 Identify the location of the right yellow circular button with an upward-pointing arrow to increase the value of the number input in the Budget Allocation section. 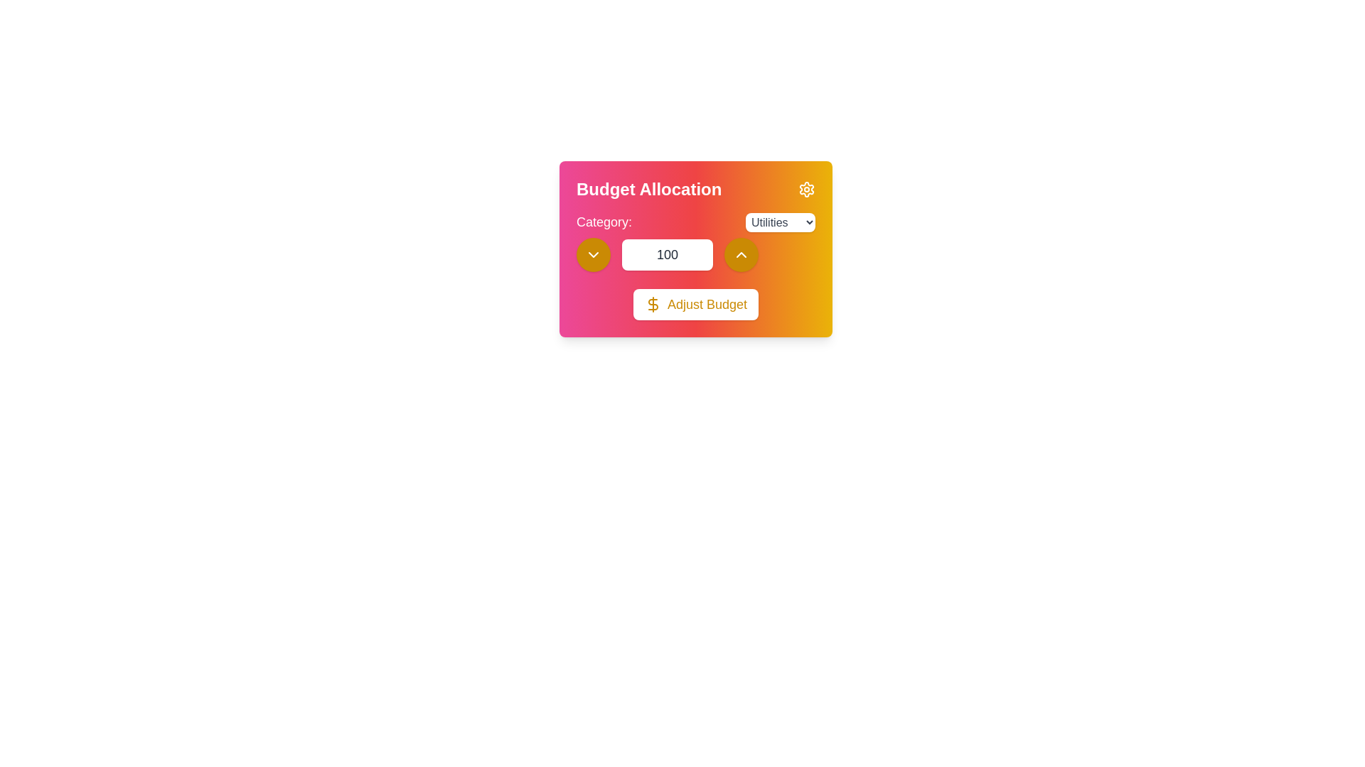
(696, 254).